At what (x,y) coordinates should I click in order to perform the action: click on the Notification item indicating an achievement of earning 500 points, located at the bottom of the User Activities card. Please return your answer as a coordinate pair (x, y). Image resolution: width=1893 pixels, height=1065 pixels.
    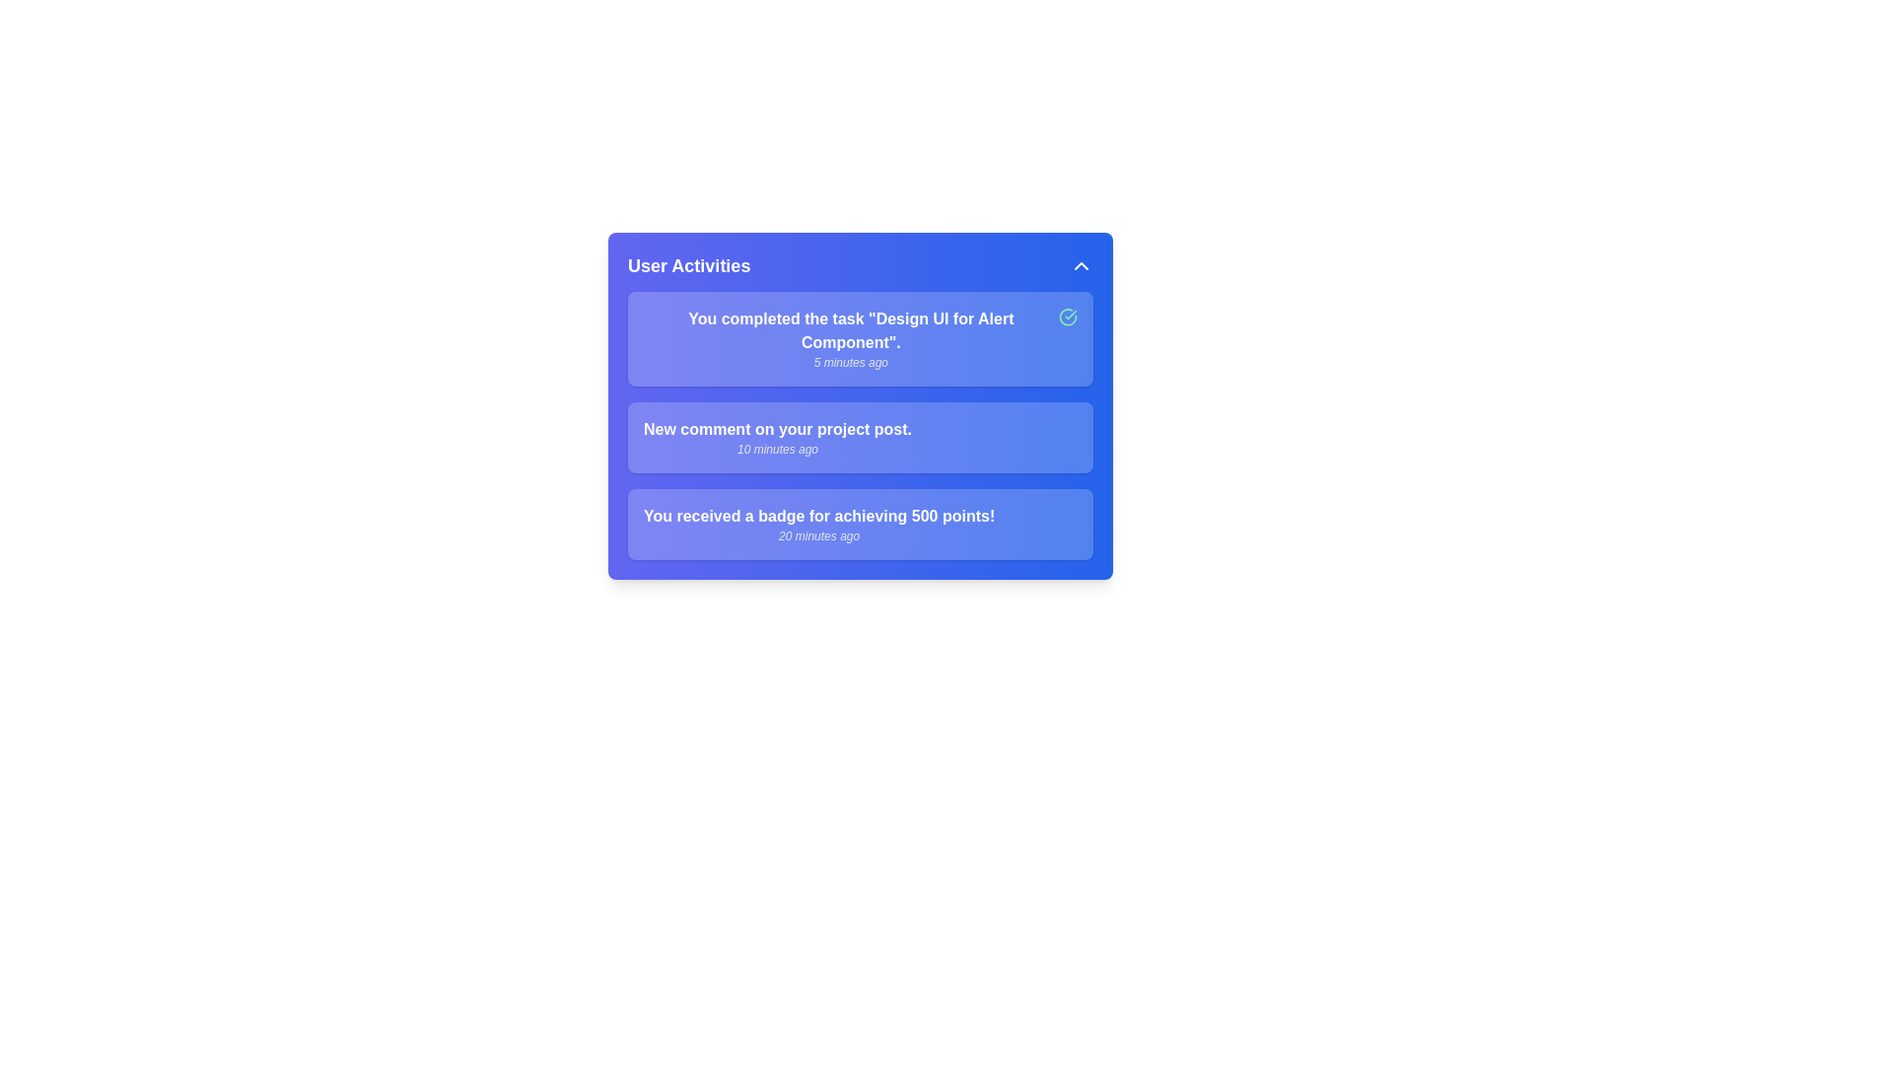
    Looking at the image, I should click on (819, 524).